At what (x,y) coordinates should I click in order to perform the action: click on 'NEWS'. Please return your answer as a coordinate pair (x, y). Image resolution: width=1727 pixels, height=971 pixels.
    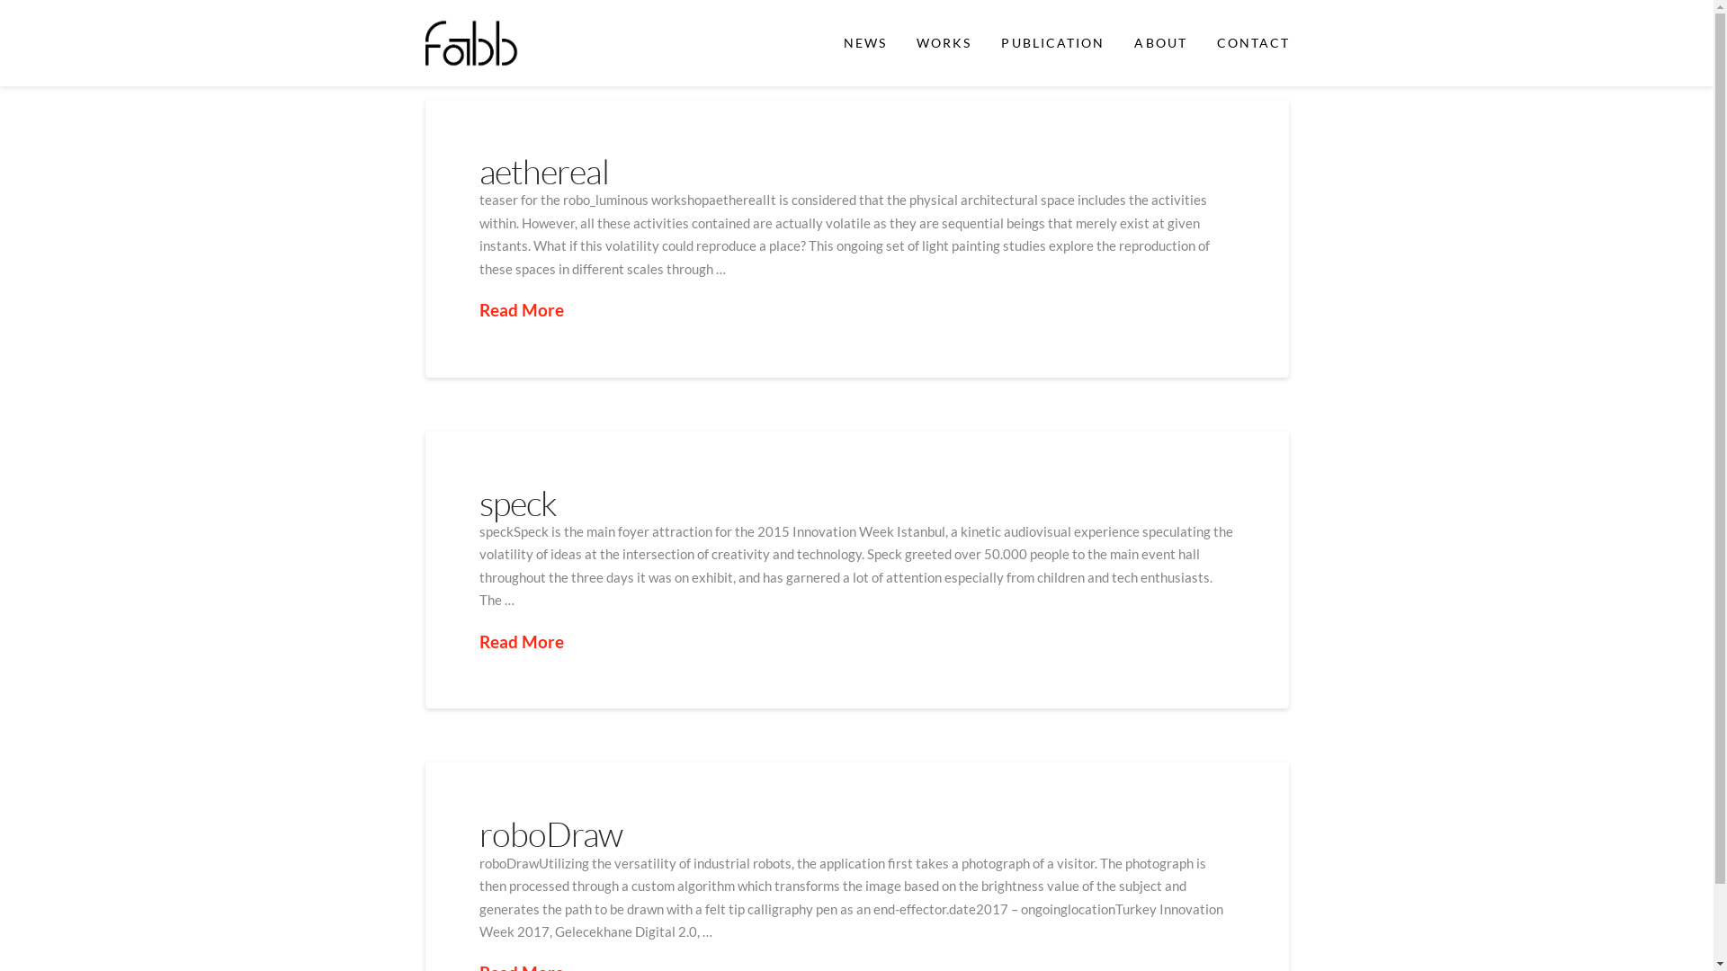
    Looking at the image, I should click on (827, 41).